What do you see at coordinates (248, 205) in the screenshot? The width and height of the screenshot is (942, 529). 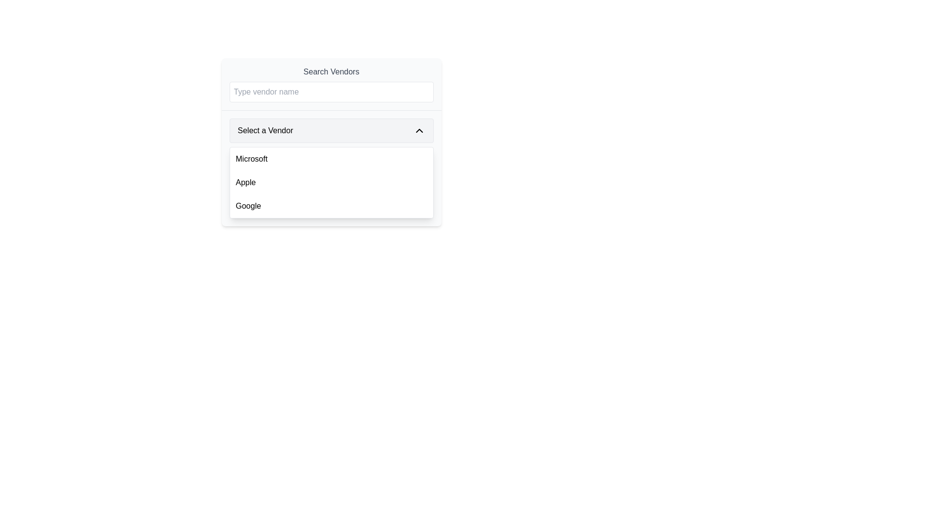 I see `the text 'Google' in bold font style located within the selectable list of vendors` at bounding box center [248, 205].